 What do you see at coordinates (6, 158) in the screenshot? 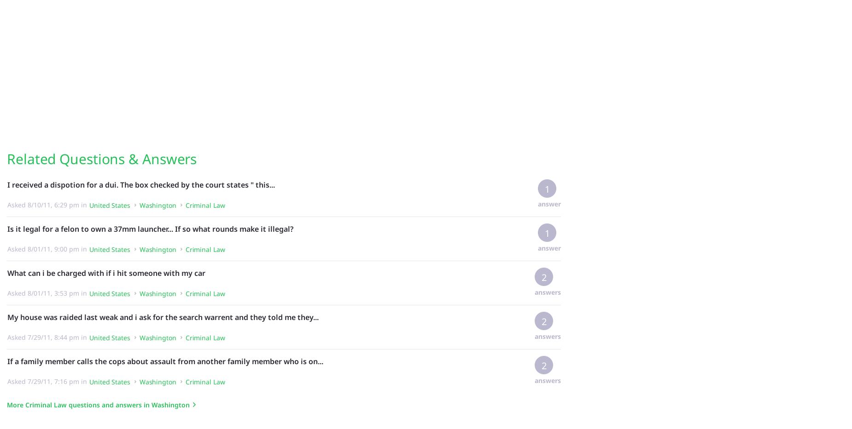
I see `'Related Questions & Answers'` at bounding box center [6, 158].